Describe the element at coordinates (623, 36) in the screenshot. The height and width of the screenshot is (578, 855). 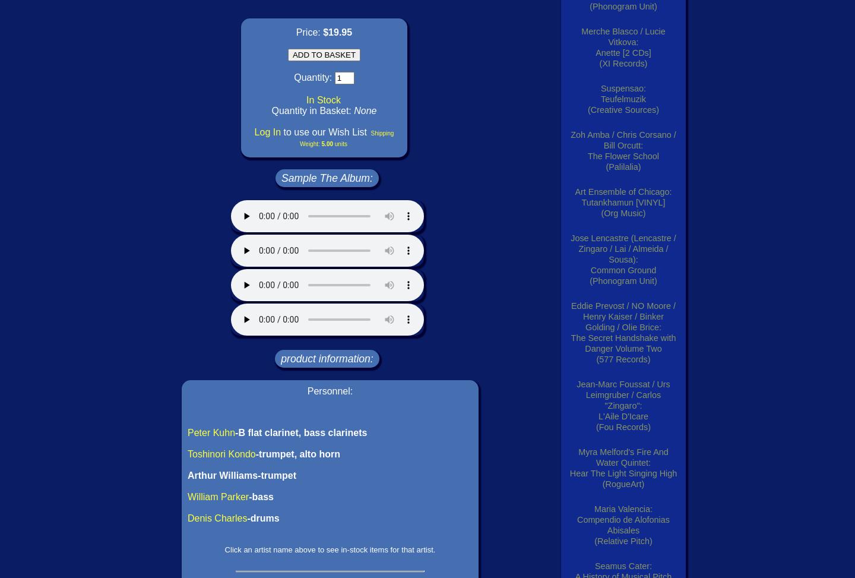
I see `'Merche Blasco / Lucie Vitkova:'` at that location.